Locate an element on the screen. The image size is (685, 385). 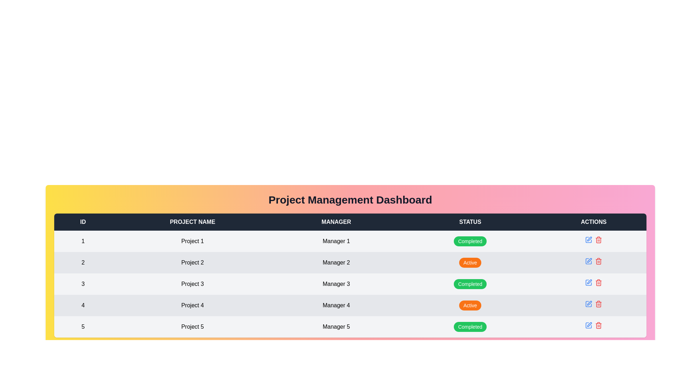
the trash icon representing the delete action for 'Project 3' located in the 'ACTIONS' column of the table is located at coordinates (599, 283).